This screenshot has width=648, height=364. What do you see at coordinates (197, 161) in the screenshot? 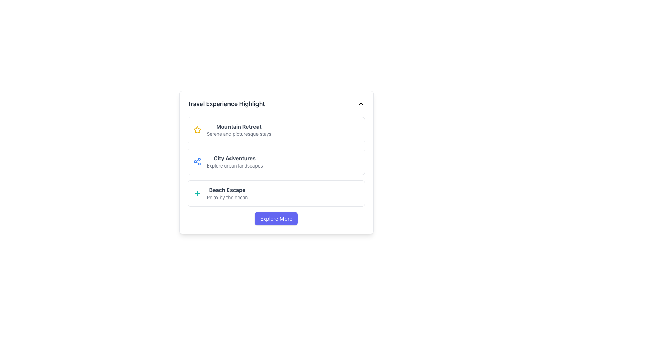
I see `the share icon located in the top-left corner of the 'City Adventures' card` at bounding box center [197, 161].